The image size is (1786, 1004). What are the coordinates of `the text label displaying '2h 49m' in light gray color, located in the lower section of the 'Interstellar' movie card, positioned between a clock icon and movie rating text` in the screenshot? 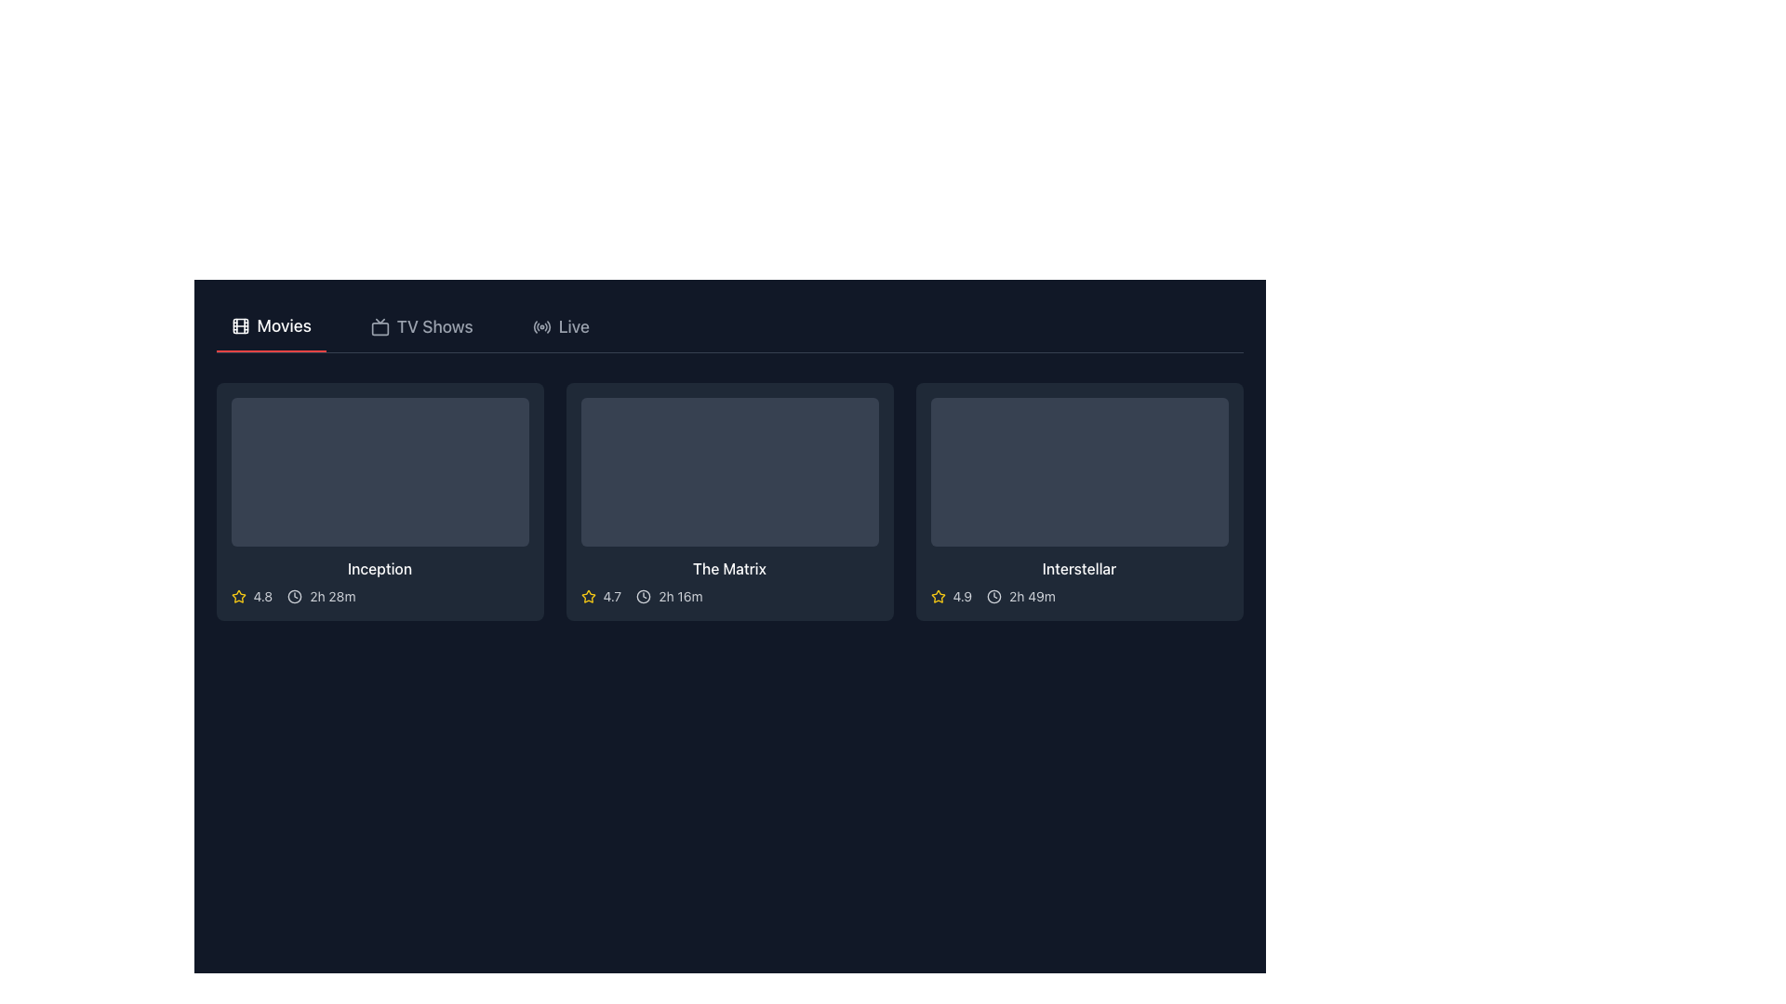 It's located at (1031, 596).